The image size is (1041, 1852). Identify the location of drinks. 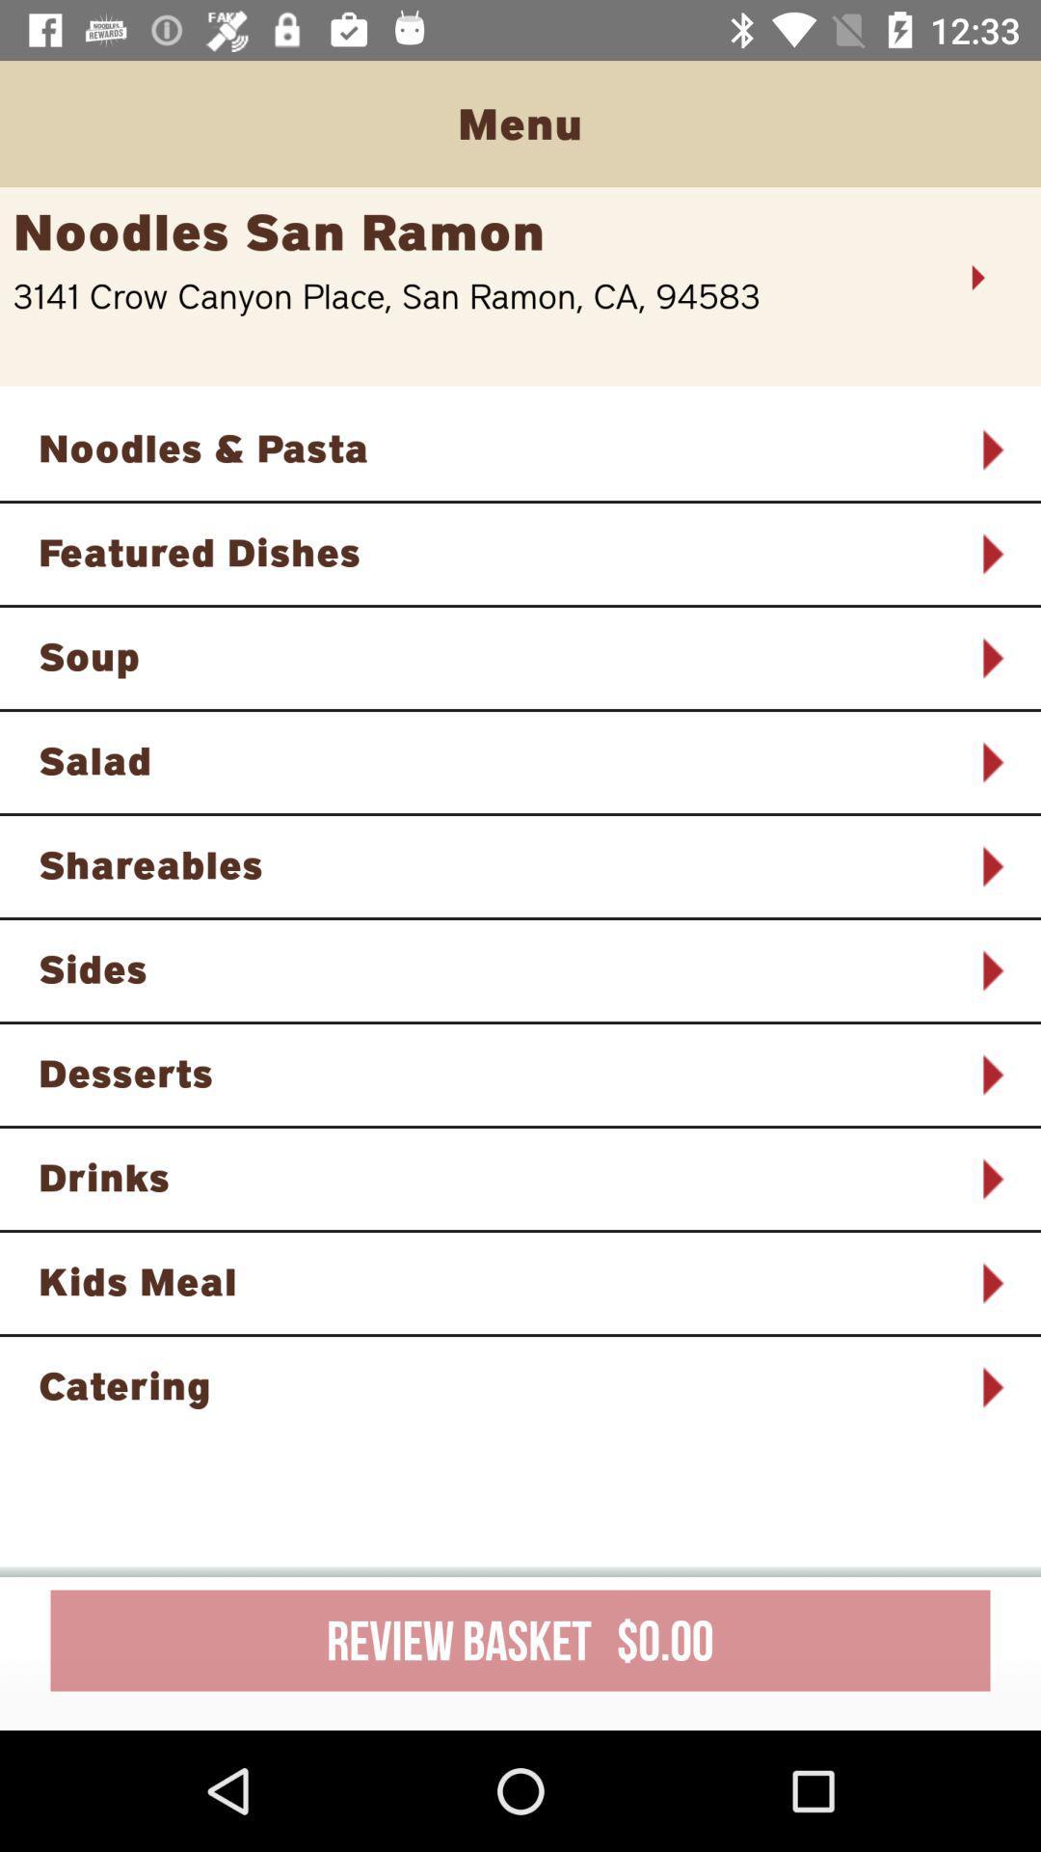
(494, 1176).